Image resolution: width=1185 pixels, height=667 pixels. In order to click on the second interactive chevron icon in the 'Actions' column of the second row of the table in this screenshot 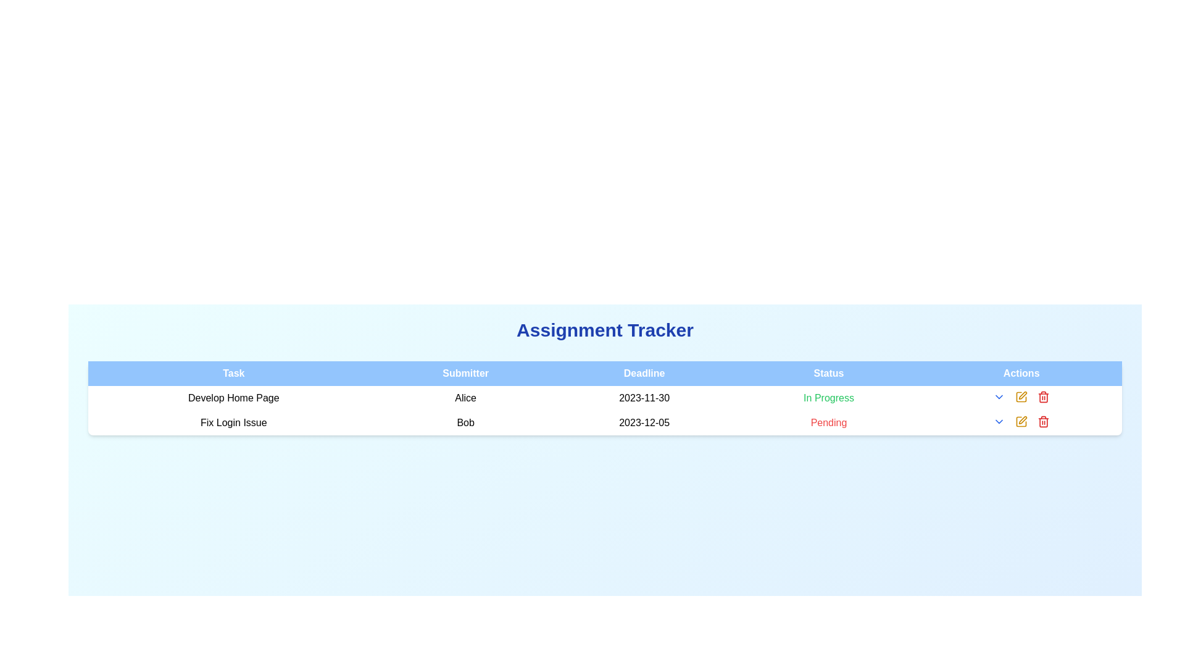, I will do `click(999, 421)`.